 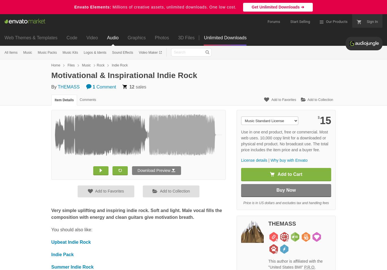 What do you see at coordinates (105, 87) in the screenshot?
I see `'Comment'` at bounding box center [105, 87].